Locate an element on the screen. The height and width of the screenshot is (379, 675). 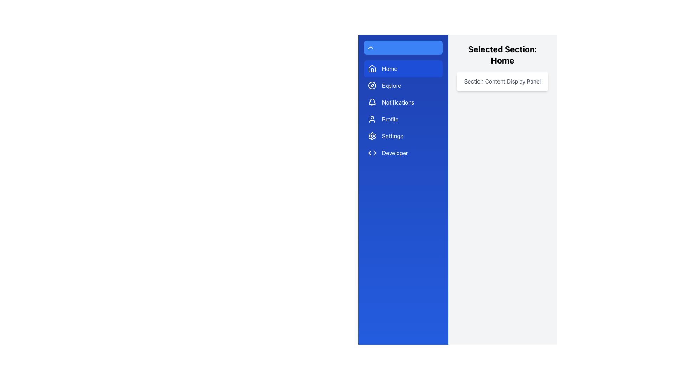
the user profile icon located on the left sidebar menu, which is positioned fourth from the top and to the left of the 'Profile' text is located at coordinates (372, 119).